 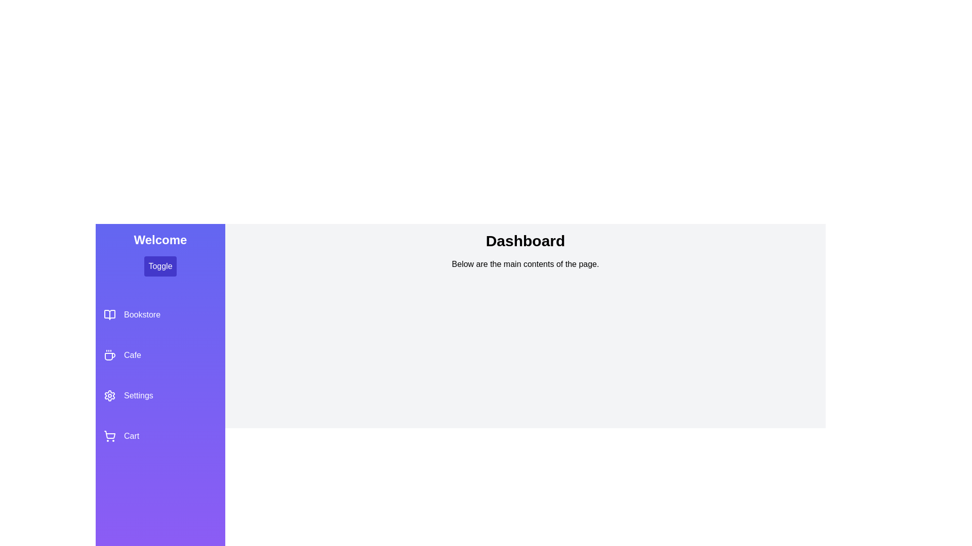 I want to click on the Settings section in the sidebar, so click(x=159, y=395).